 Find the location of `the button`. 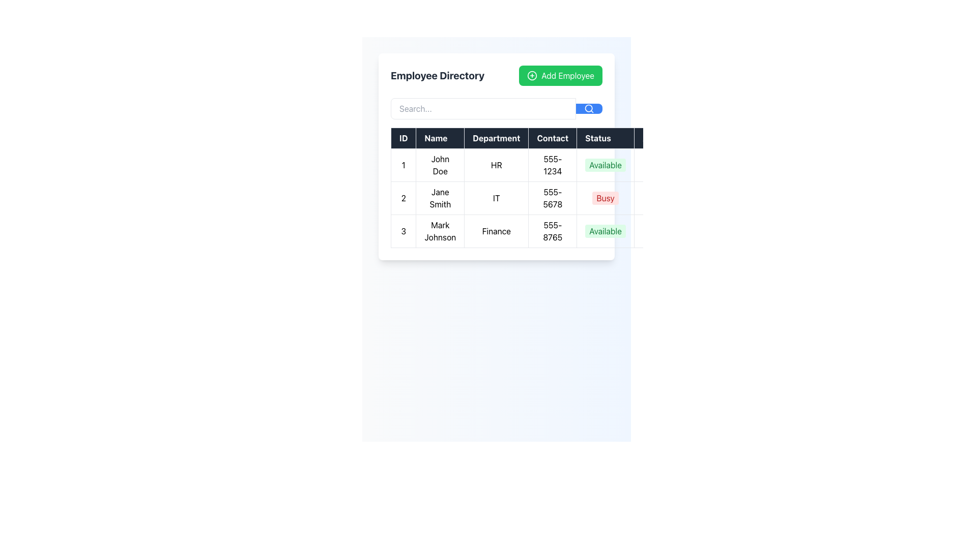

the button is located at coordinates (560, 75).